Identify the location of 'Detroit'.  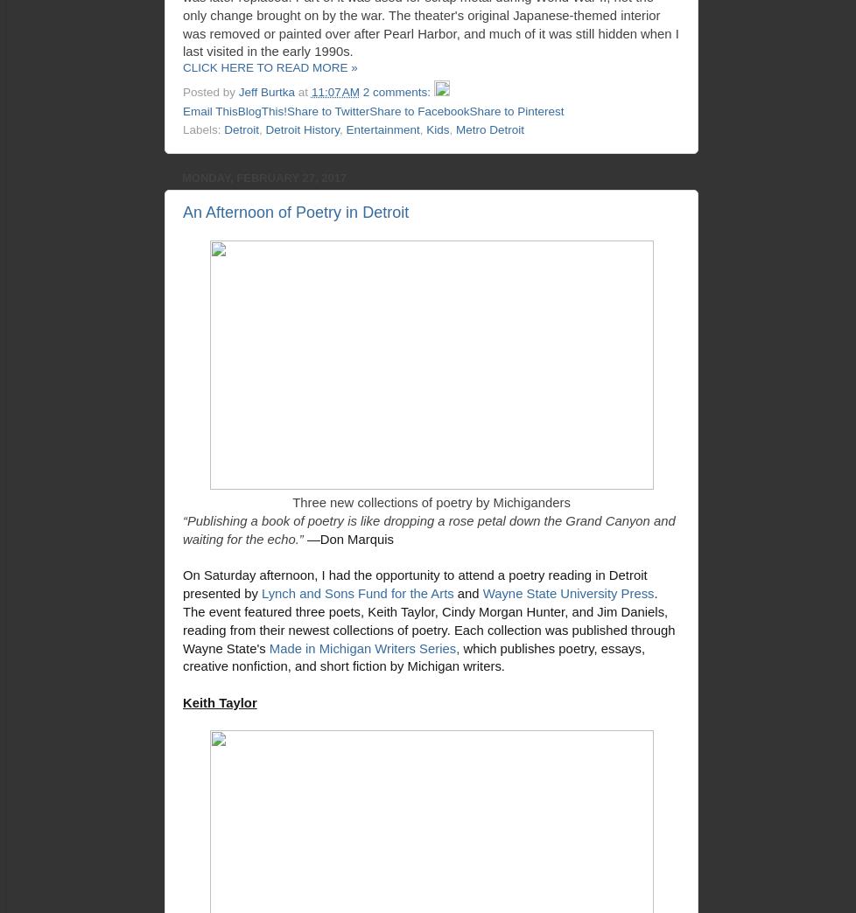
(240, 129).